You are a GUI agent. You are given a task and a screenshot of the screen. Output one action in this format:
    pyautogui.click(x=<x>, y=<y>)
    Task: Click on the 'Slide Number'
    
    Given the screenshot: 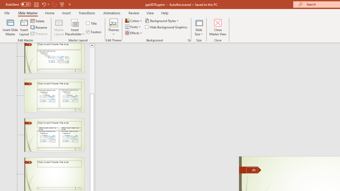 What is the action you would take?
    pyautogui.click(x=252, y=170)
    